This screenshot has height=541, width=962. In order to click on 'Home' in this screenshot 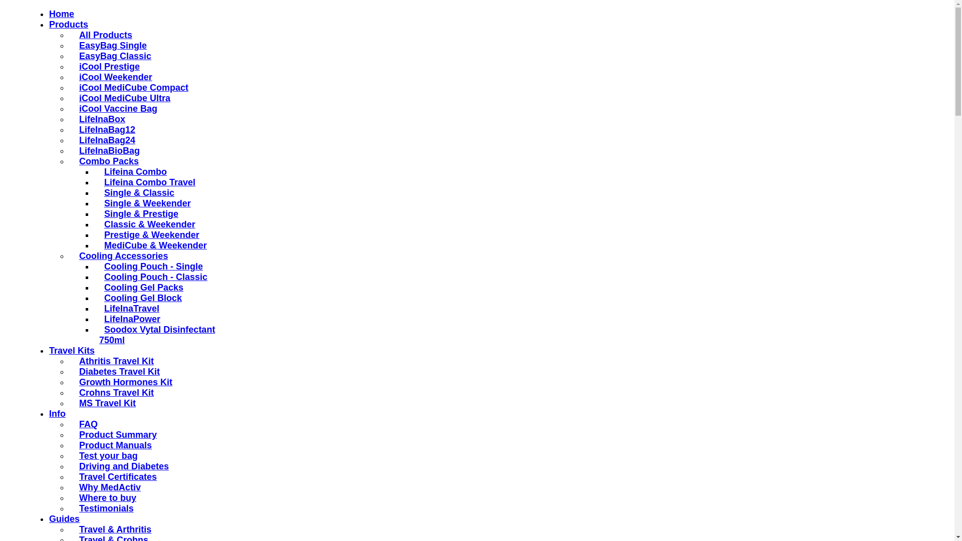, I will do `click(61, 14)`.